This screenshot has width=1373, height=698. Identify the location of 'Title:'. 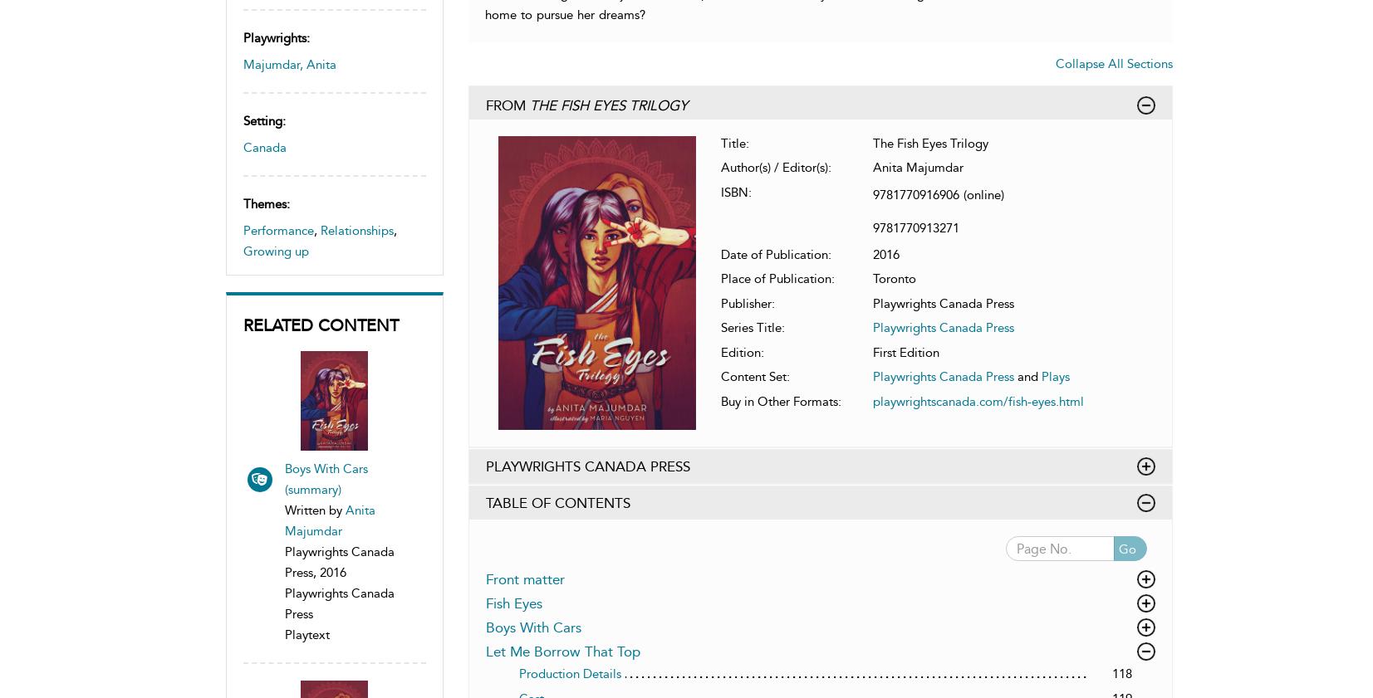
(735, 141).